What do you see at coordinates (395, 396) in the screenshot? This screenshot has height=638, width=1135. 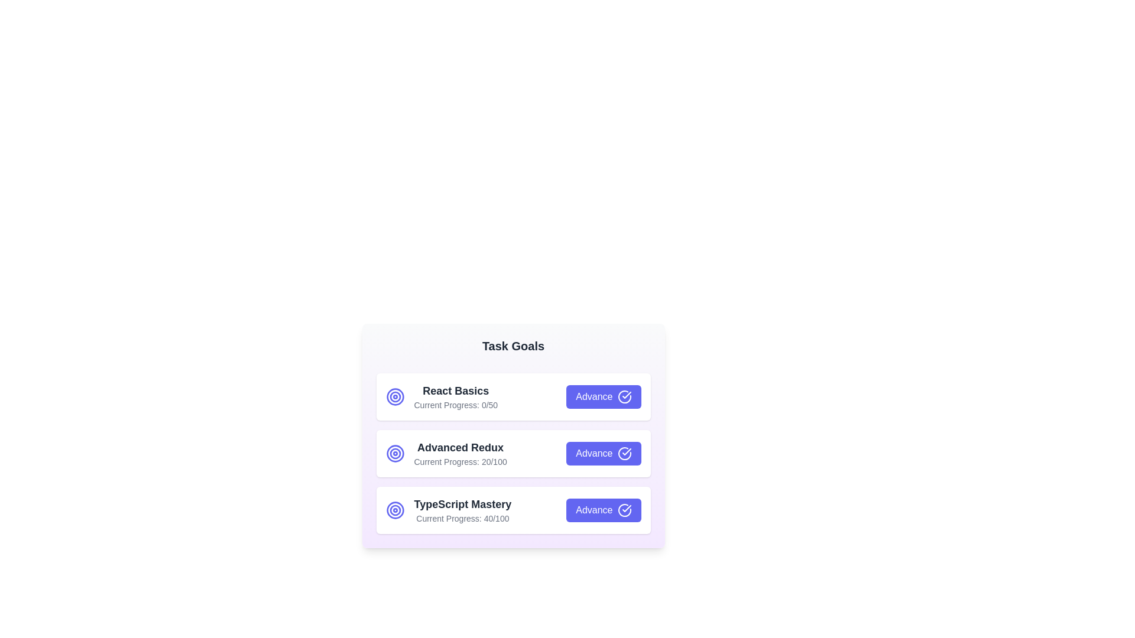 I see `the outermost circular graphical element representing 'React Basics' in the interface, which is part of a target-like icon` at bounding box center [395, 396].